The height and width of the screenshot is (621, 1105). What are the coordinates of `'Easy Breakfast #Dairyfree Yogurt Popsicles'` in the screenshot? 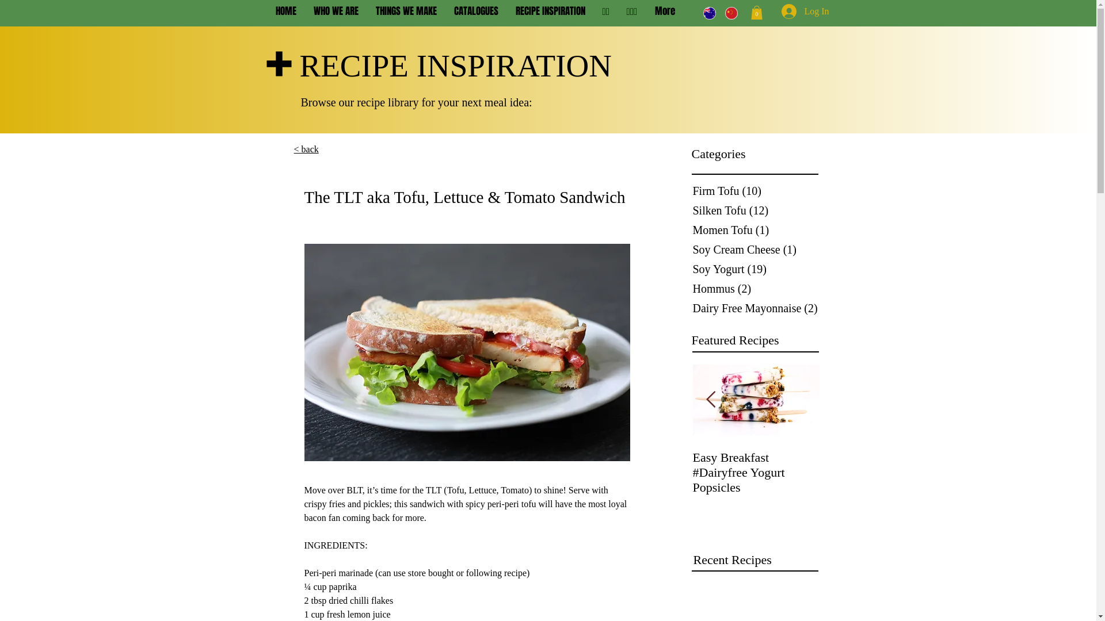 It's located at (756, 472).